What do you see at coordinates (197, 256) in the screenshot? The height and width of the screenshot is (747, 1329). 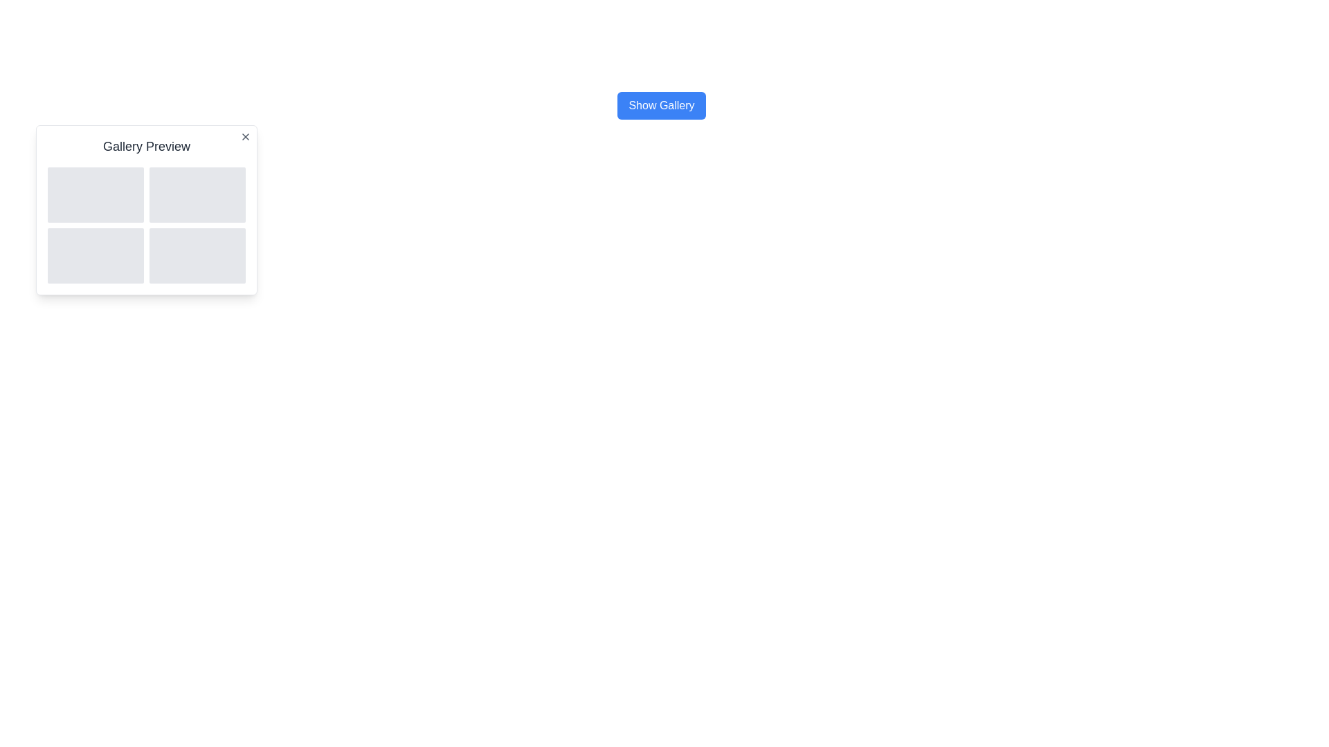 I see `Placeholder element located in the bottom-right of the 2x2 grid layout within the 'Gallery Preview' modal` at bounding box center [197, 256].